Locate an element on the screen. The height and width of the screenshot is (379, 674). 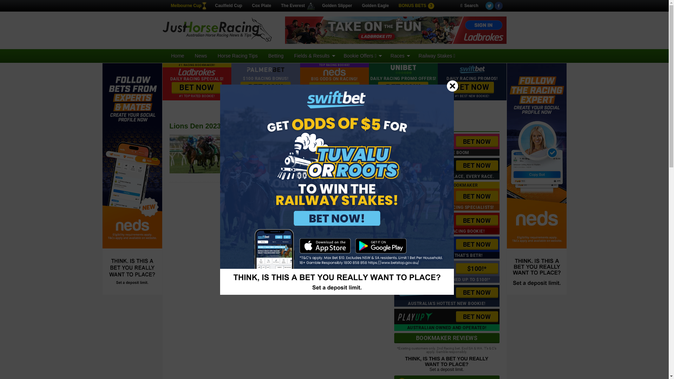
'Races' is located at coordinates (399, 55).